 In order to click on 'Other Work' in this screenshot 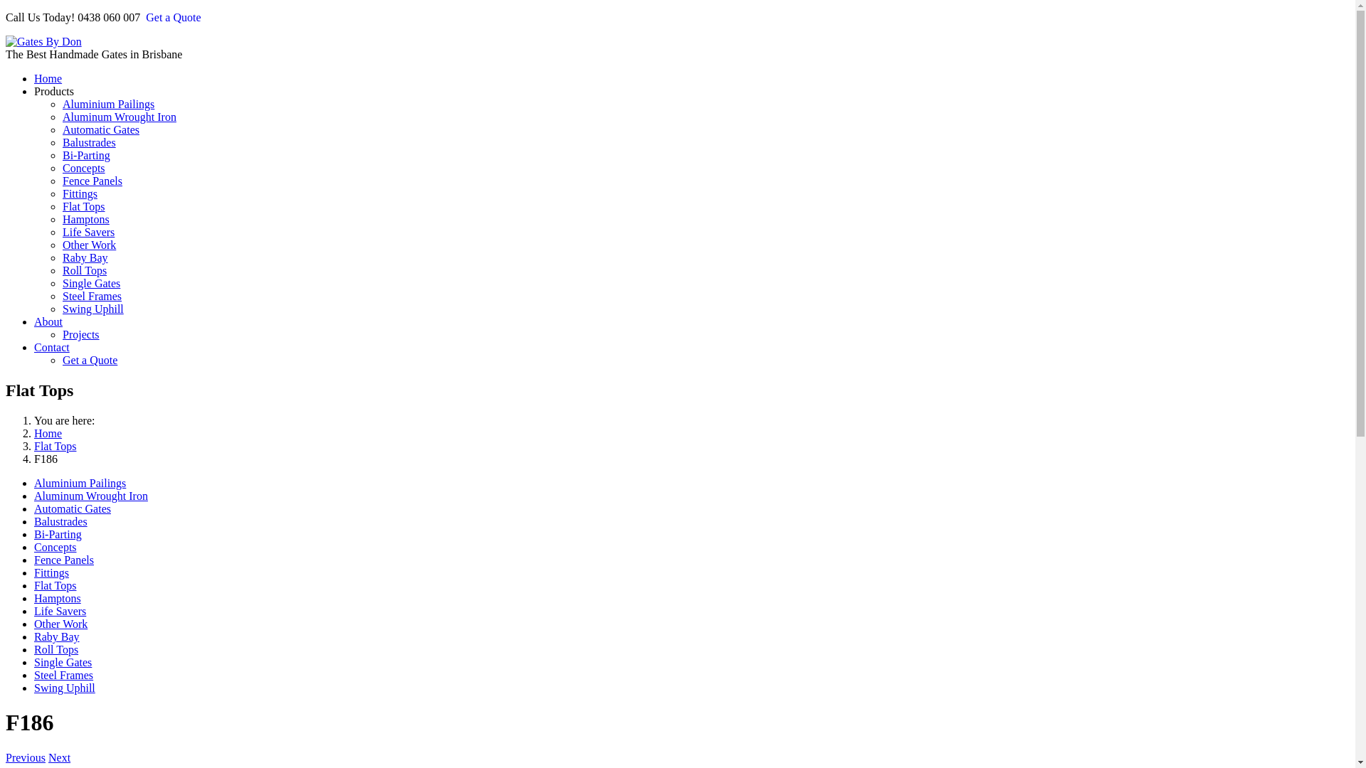, I will do `click(88, 244)`.